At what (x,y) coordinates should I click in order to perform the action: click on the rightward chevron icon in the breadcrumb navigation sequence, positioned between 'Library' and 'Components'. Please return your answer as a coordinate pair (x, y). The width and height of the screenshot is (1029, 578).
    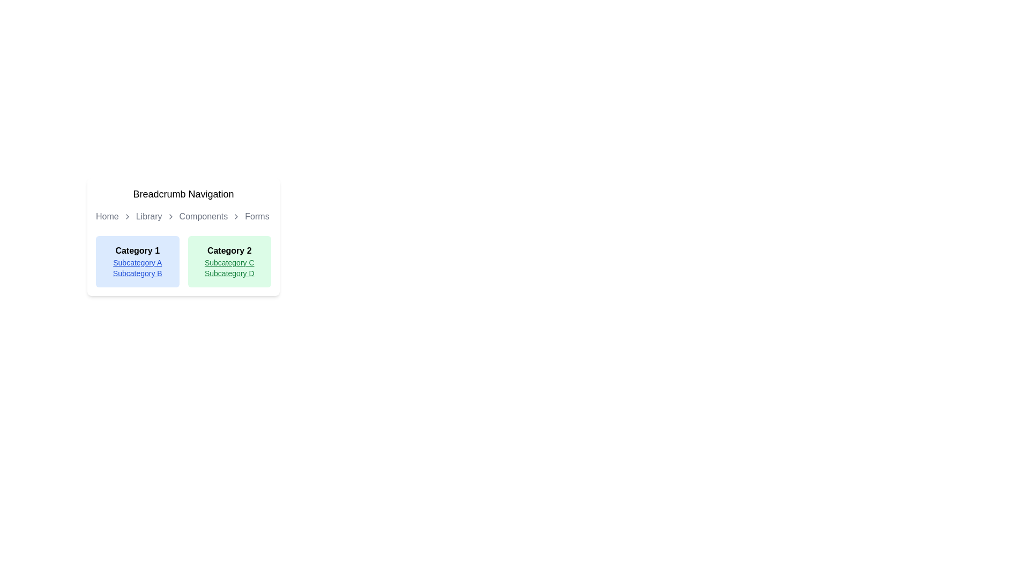
    Looking at the image, I should click on (170, 217).